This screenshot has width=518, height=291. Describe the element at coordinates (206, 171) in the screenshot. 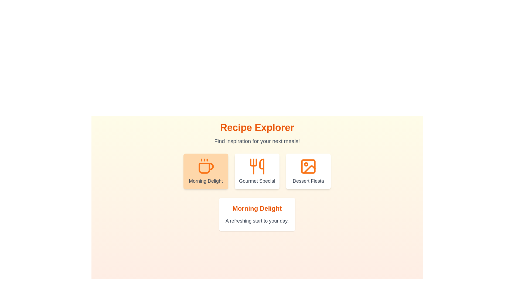

I see `the 'Morning Delight' clickable card, which features a soft orange background and a coffee cup icon at the top` at that location.